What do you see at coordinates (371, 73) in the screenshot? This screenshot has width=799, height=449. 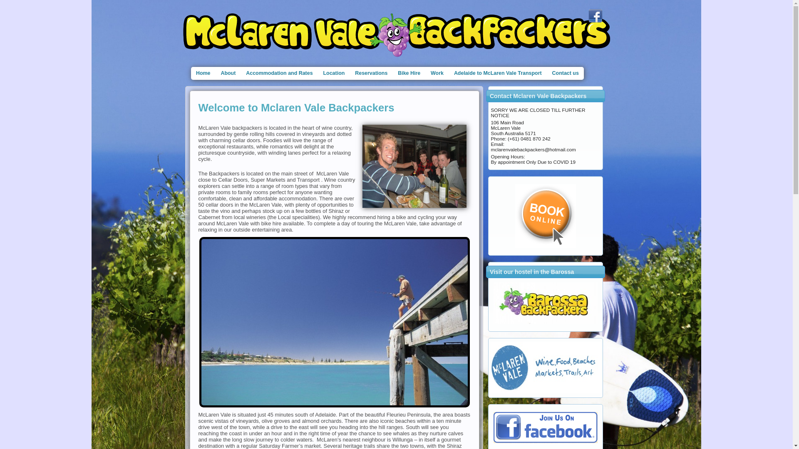 I see `'Reservations'` at bounding box center [371, 73].